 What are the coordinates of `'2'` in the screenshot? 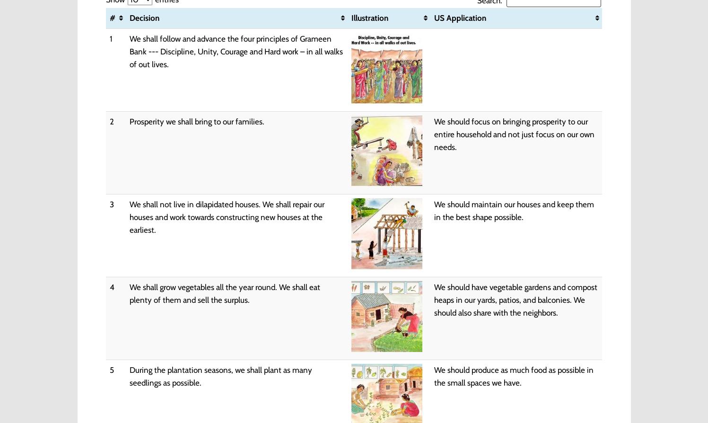 It's located at (109, 121).